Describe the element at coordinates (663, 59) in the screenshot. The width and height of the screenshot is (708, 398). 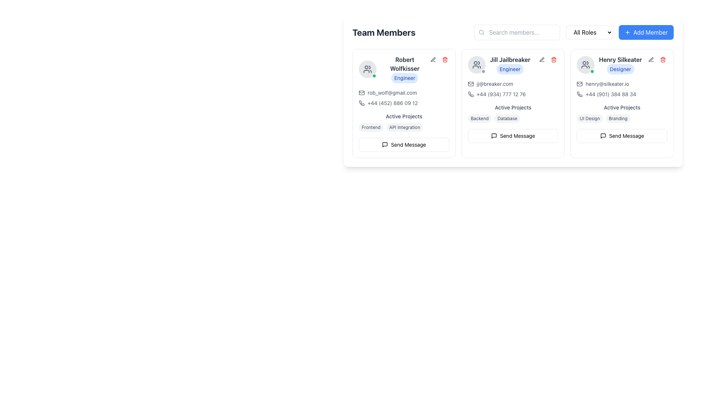
I see `the delete button icon with a trash can image located in the top right corner of Henry Silkeater's profile card` at that location.